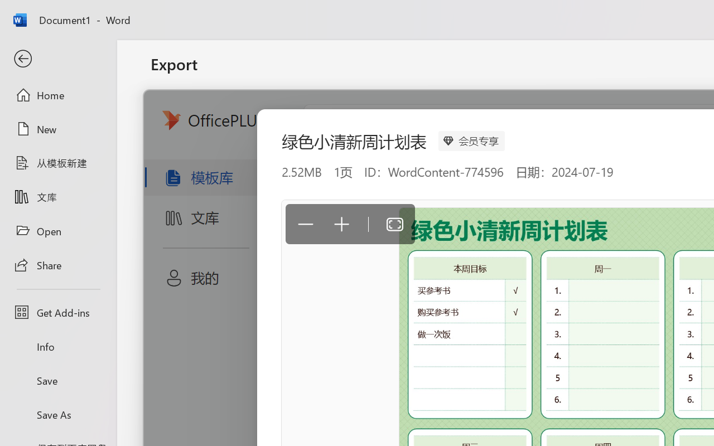 Image resolution: width=714 pixels, height=446 pixels. I want to click on 'Info', so click(57, 346).